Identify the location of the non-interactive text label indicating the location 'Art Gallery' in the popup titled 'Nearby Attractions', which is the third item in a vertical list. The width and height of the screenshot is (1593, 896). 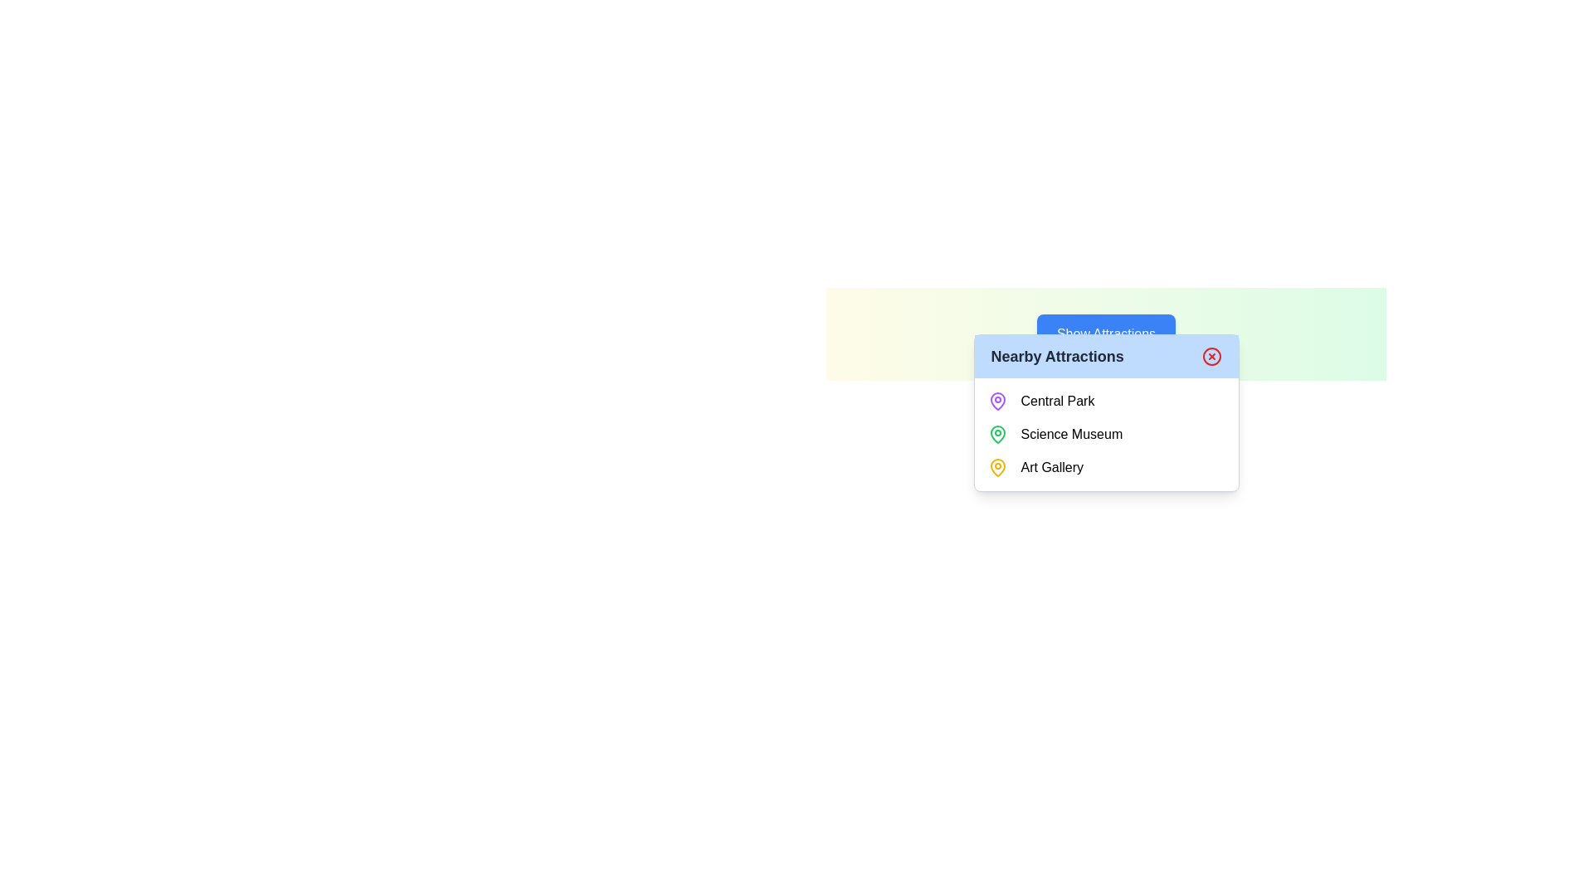
(1051, 467).